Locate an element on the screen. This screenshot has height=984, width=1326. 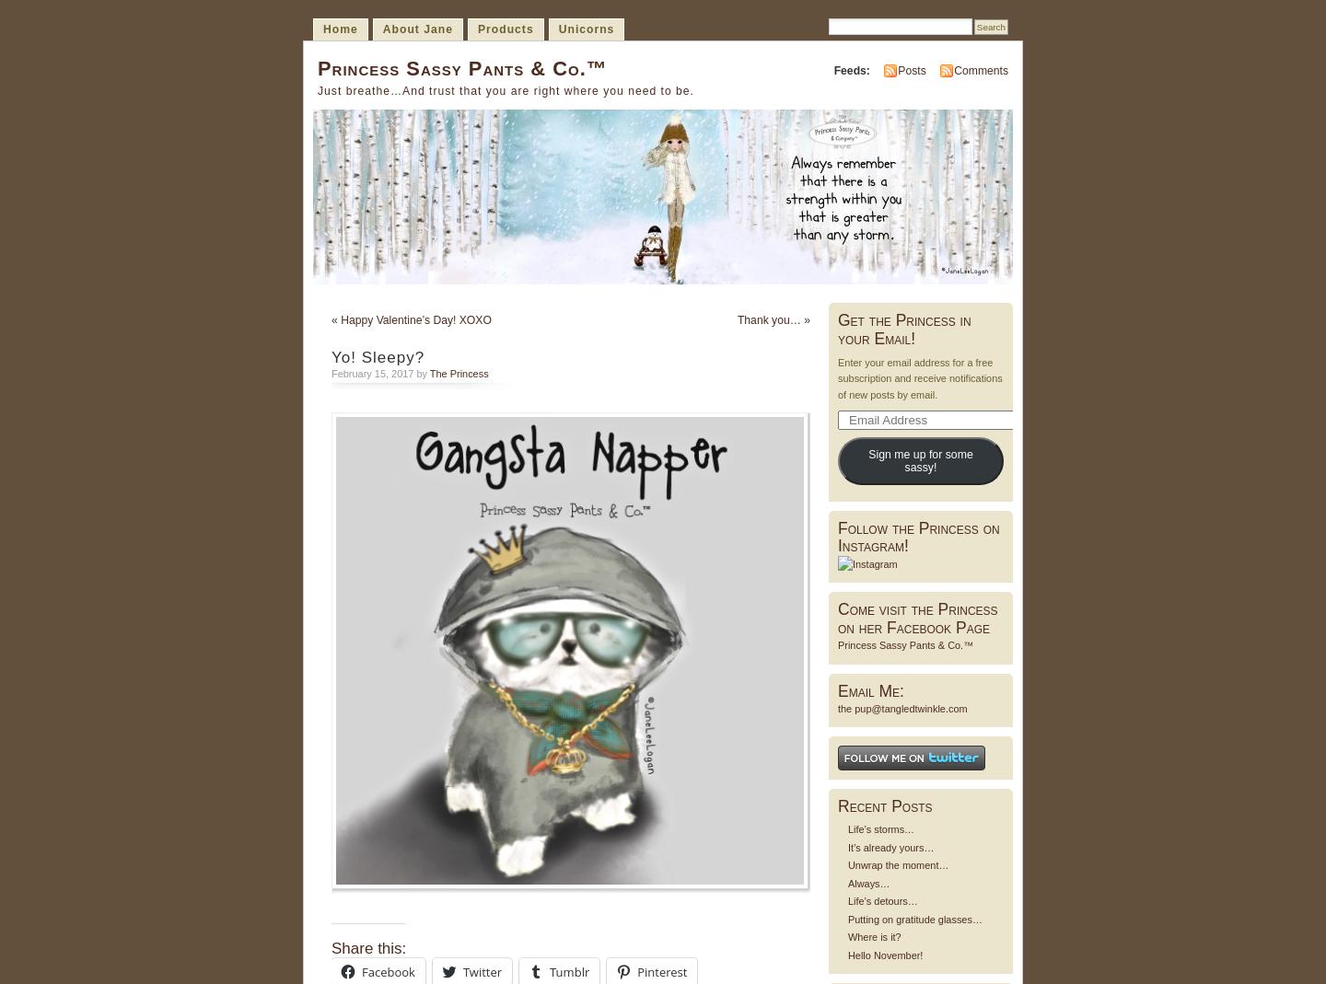
'Where is it?' is located at coordinates (873, 937).